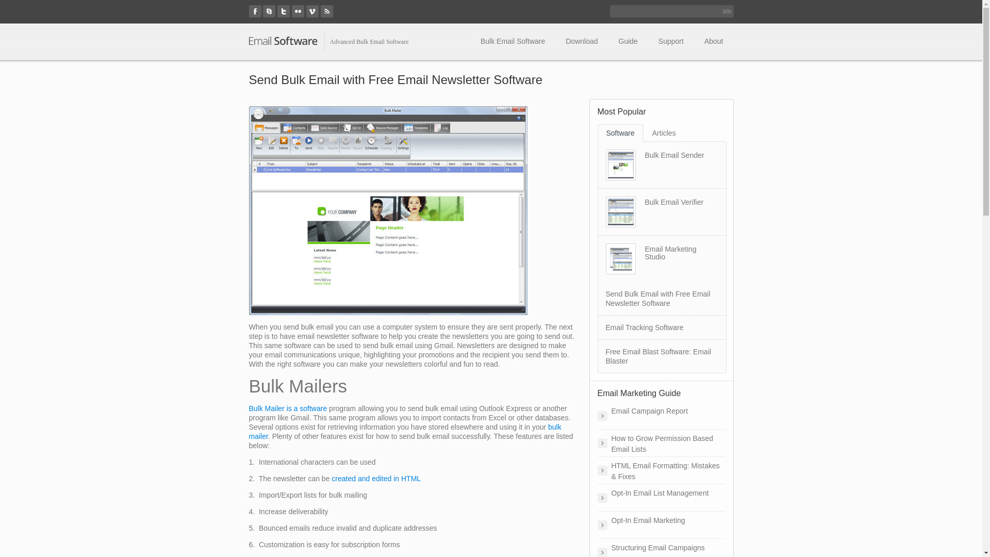 The width and height of the screenshot is (990, 557). What do you see at coordinates (513, 41) in the screenshot?
I see `'Bulk Email Software'` at bounding box center [513, 41].